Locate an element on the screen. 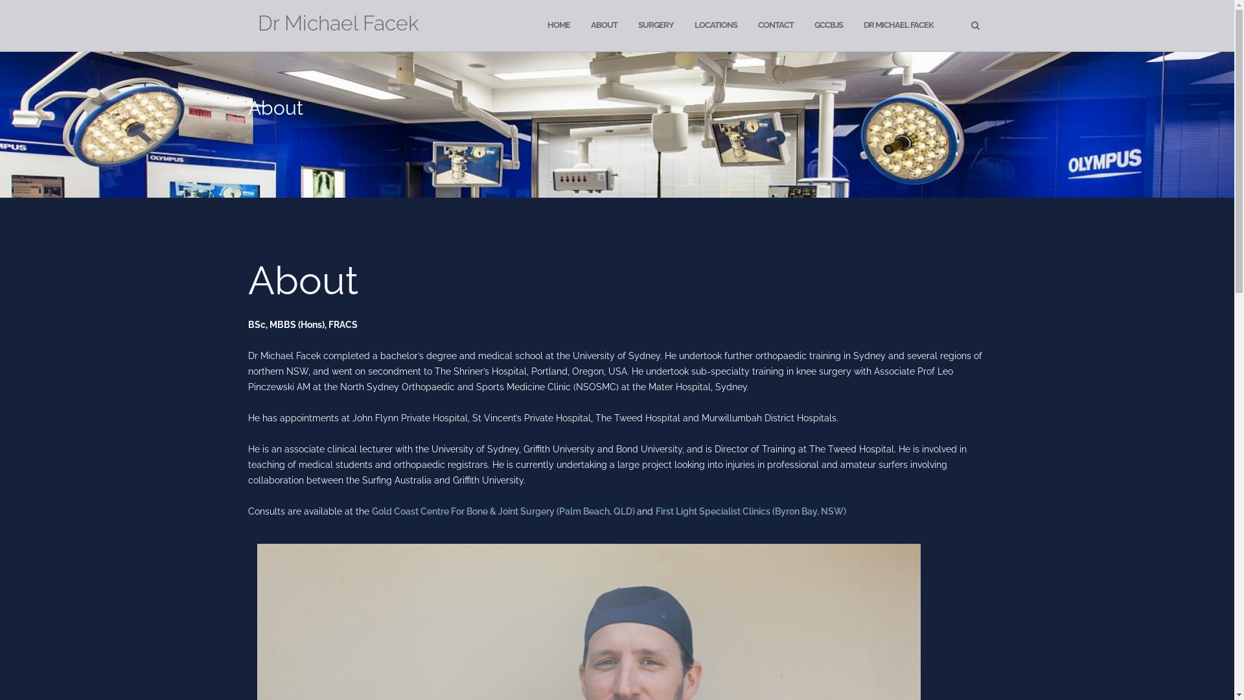 The width and height of the screenshot is (1244, 700). 'SURGERY' is located at coordinates (655, 25).